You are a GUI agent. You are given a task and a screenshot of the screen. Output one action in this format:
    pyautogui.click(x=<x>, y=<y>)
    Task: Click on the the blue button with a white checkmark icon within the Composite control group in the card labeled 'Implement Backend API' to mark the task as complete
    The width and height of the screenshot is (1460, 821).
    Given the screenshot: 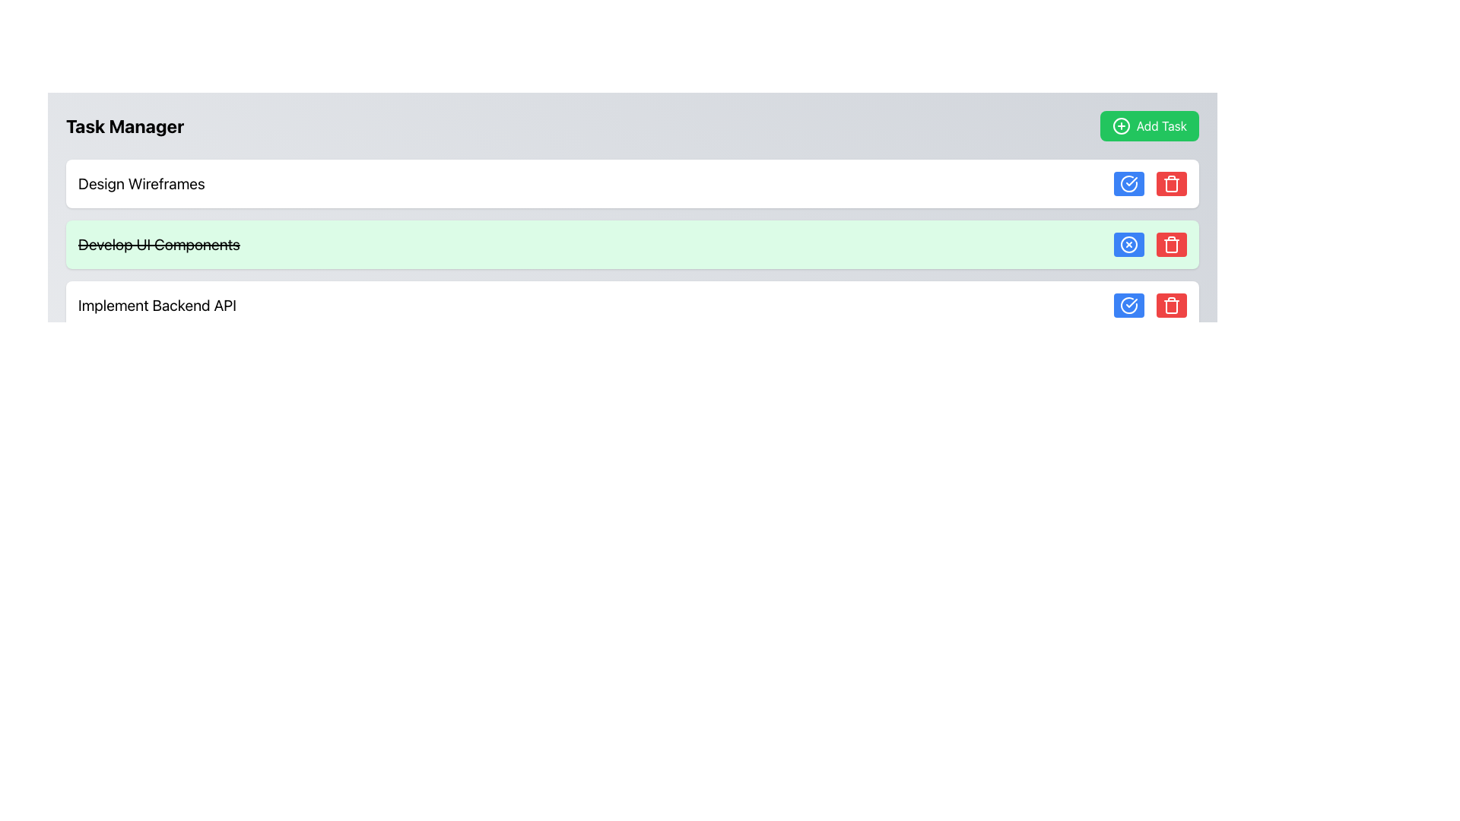 What is the action you would take?
    pyautogui.click(x=1150, y=305)
    